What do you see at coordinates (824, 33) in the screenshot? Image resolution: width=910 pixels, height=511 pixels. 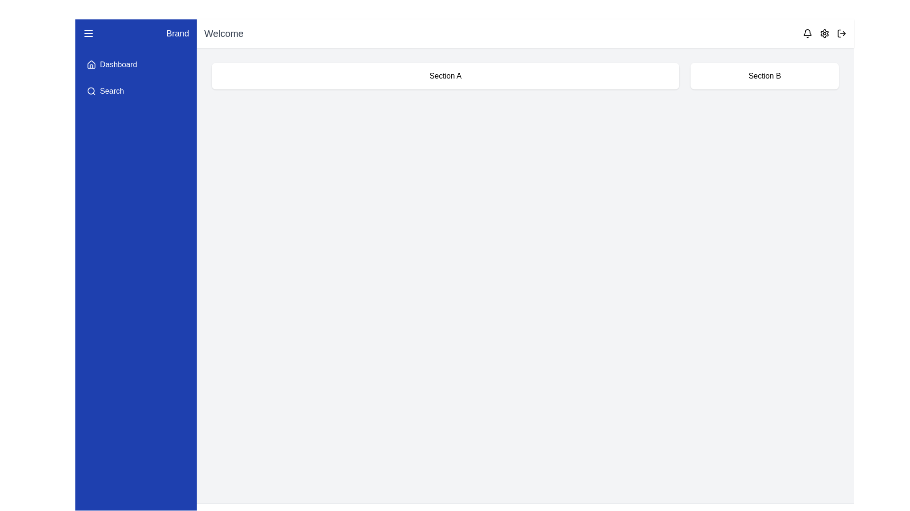 I see `the settings button located in the top-right corner of the interface, positioned between the notification icon and the logout icon` at bounding box center [824, 33].